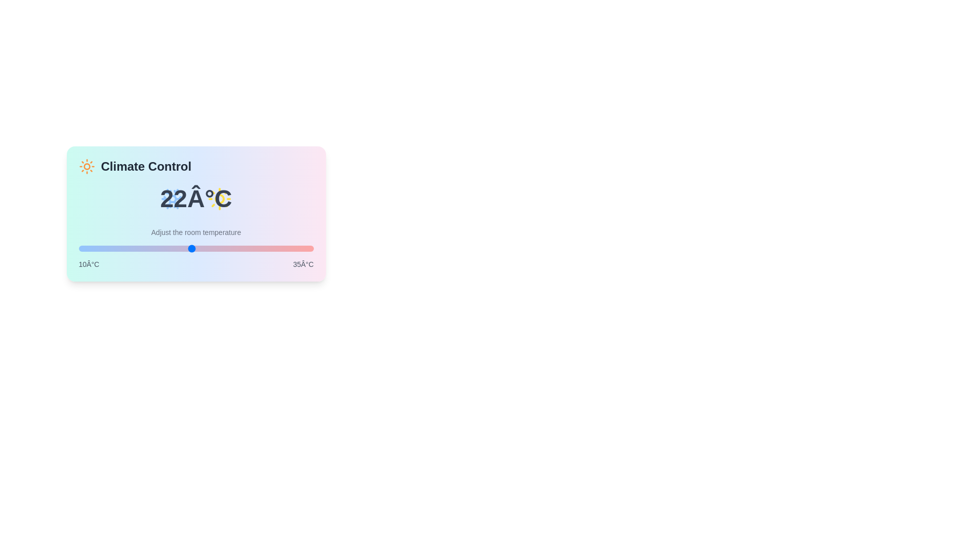 The height and width of the screenshot is (547, 972). Describe the element at coordinates (257, 248) in the screenshot. I see `the temperature to 29°C using the slider` at that location.